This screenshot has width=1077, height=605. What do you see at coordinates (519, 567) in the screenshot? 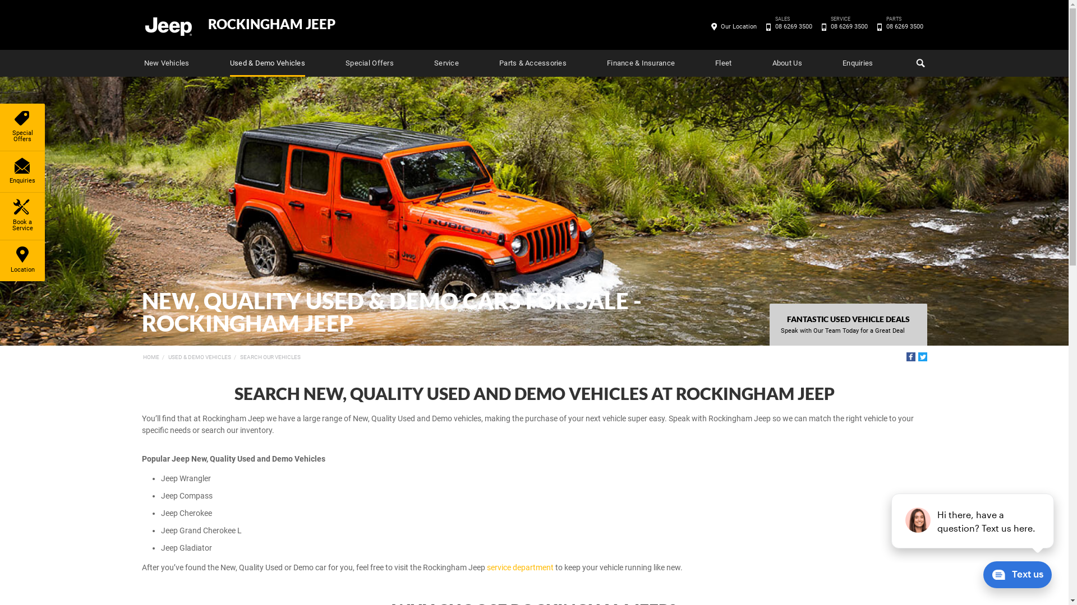
I see `'service department'` at bounding box center [519, 567].